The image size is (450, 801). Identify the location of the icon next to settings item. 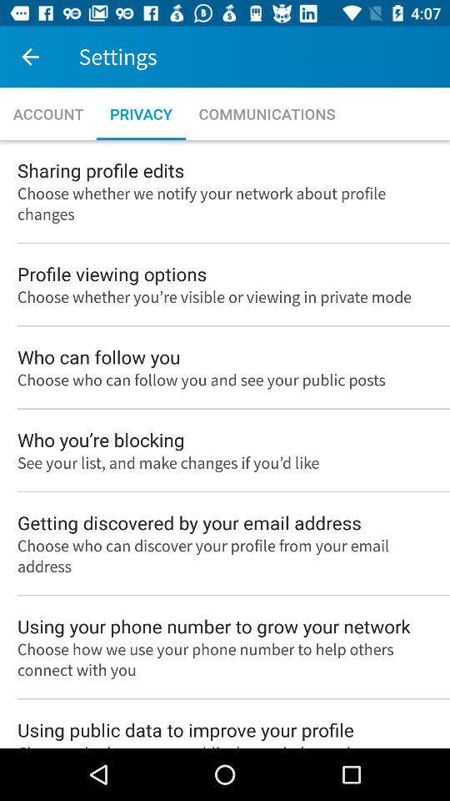
(30, 57).